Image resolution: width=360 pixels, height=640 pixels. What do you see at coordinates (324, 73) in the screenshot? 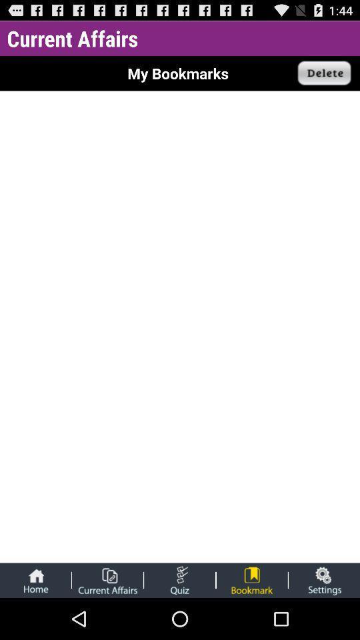
I see `delete selected bookmarks` at bounding box center [324, 73].